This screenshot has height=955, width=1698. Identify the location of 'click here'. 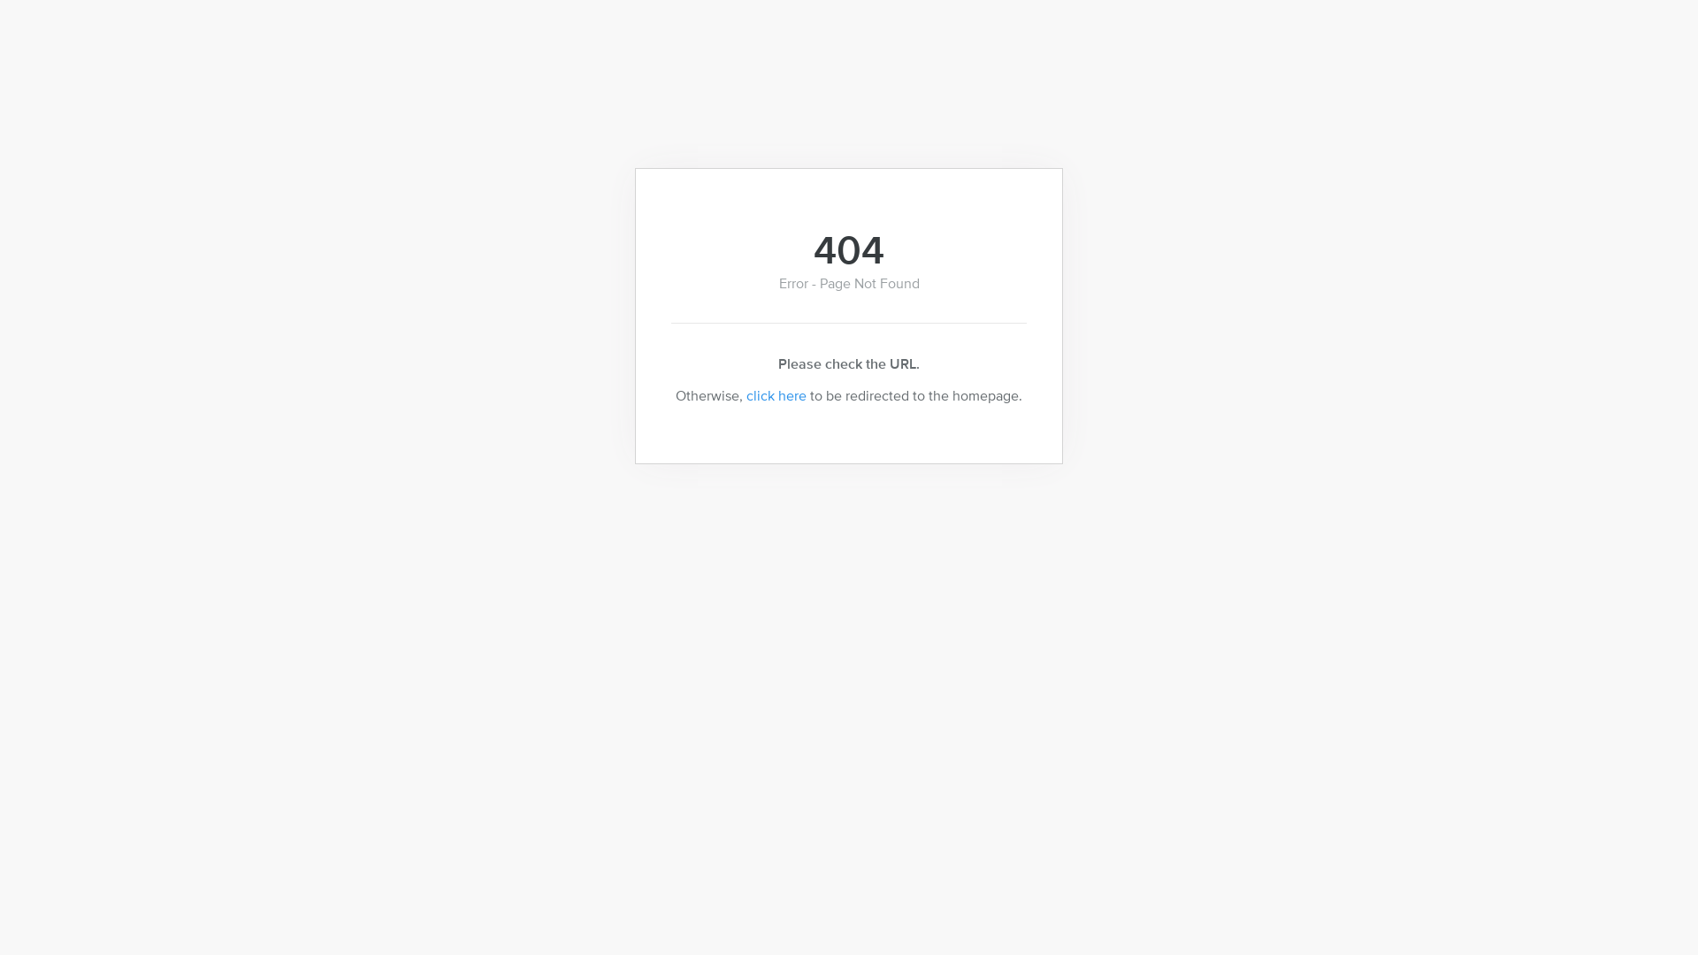
(776, 394).